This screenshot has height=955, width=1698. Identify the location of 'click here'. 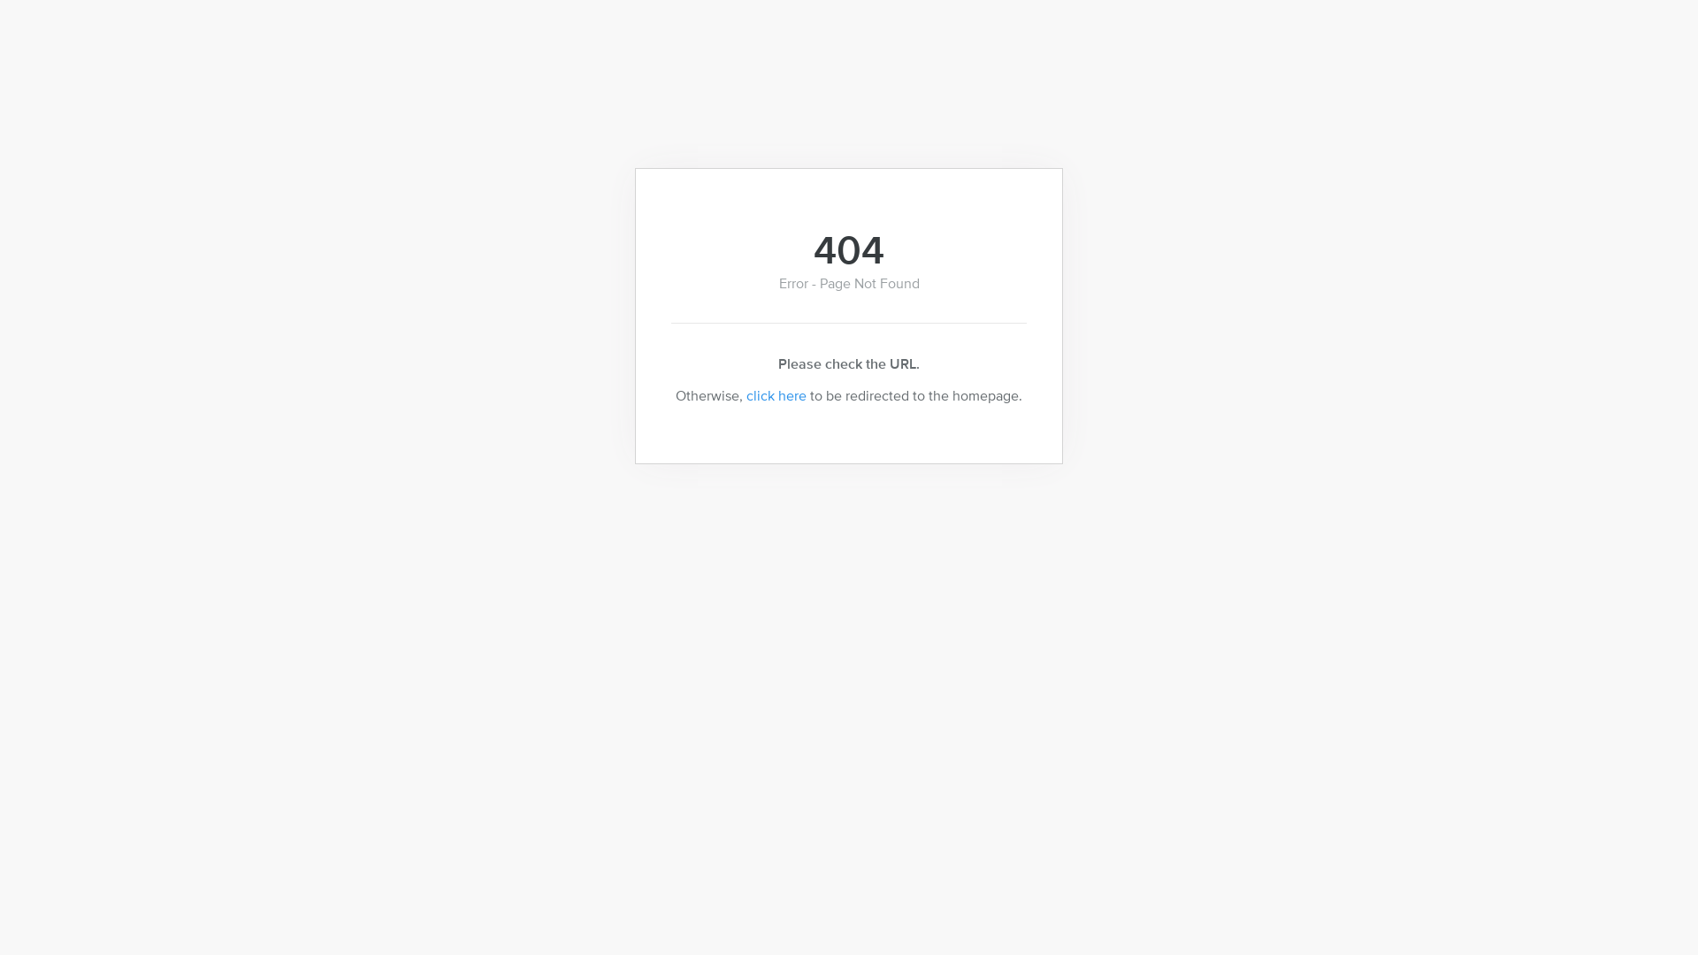
(776, 394).